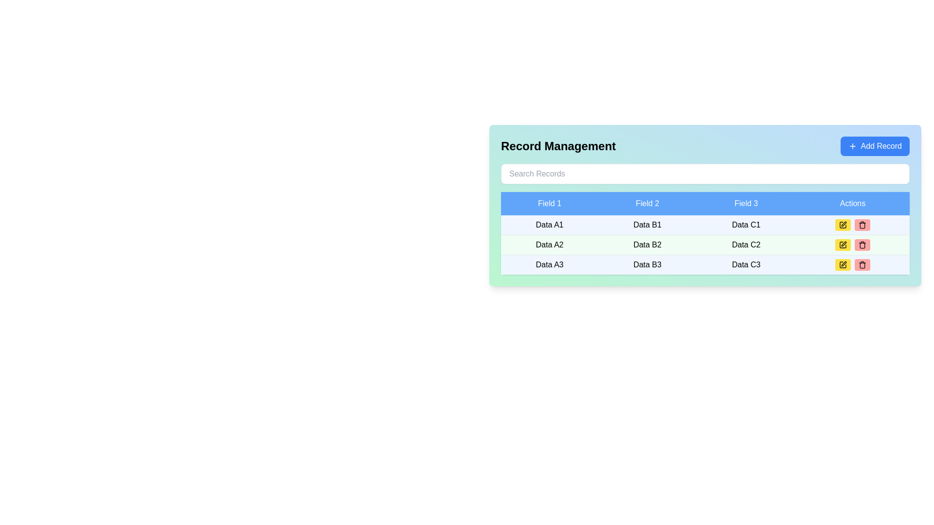  What do you see at coordinates (746, 245) in the screenshot?
I see `the text label reading 'Data C2' located in the third column of the second row of the table within the Record Management section` at bounding box center [746, 245].